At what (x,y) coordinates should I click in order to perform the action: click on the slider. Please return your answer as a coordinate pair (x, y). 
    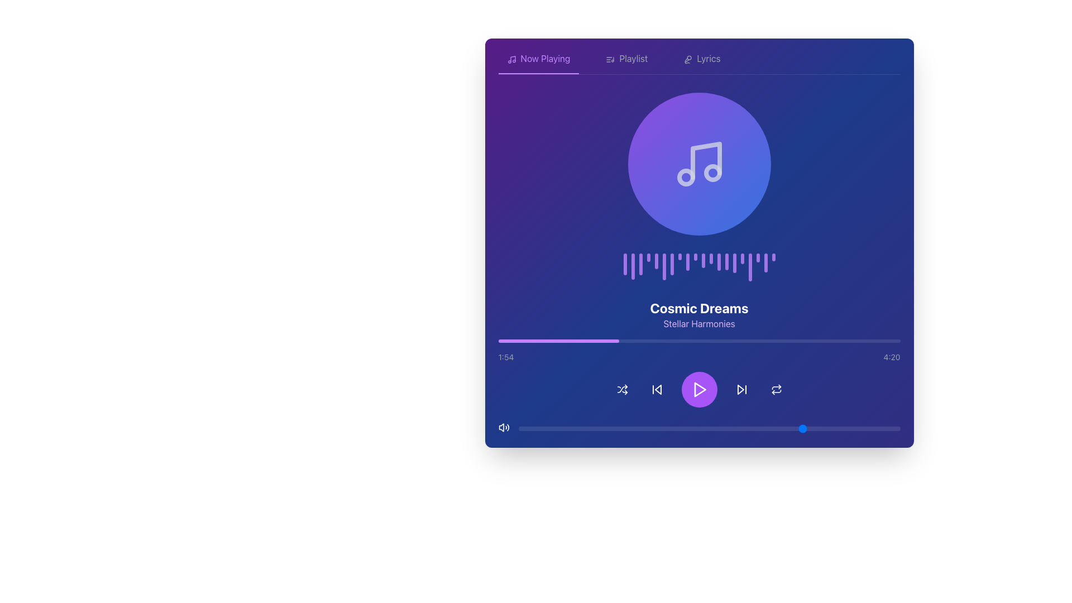
    Looking at the image, I should click on (751, 428).